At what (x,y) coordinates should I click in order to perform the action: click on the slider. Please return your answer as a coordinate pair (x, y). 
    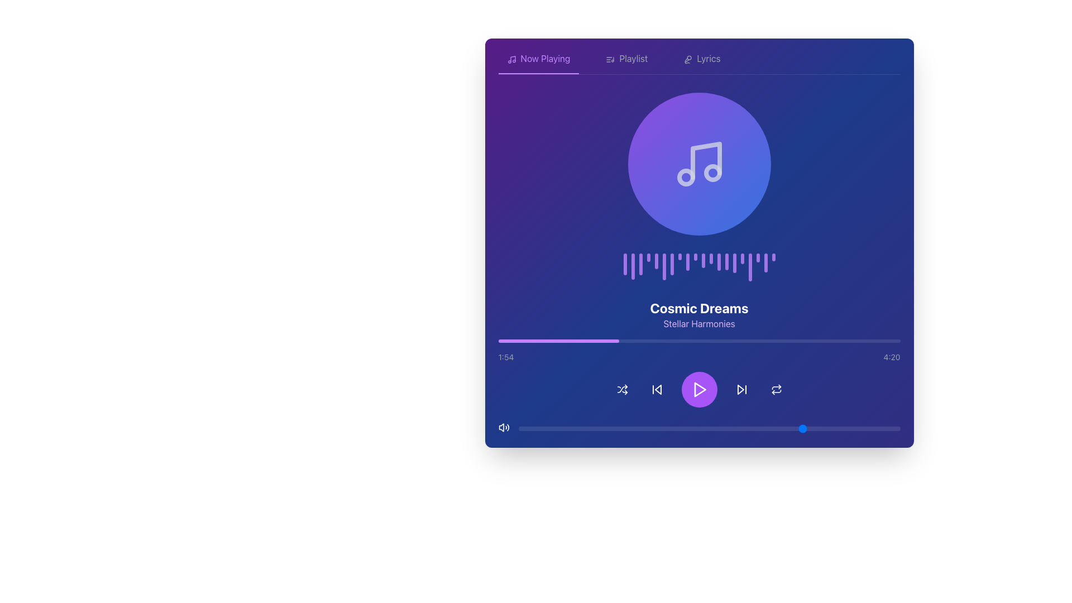
    Looking at the image, I should click on (751, 428).